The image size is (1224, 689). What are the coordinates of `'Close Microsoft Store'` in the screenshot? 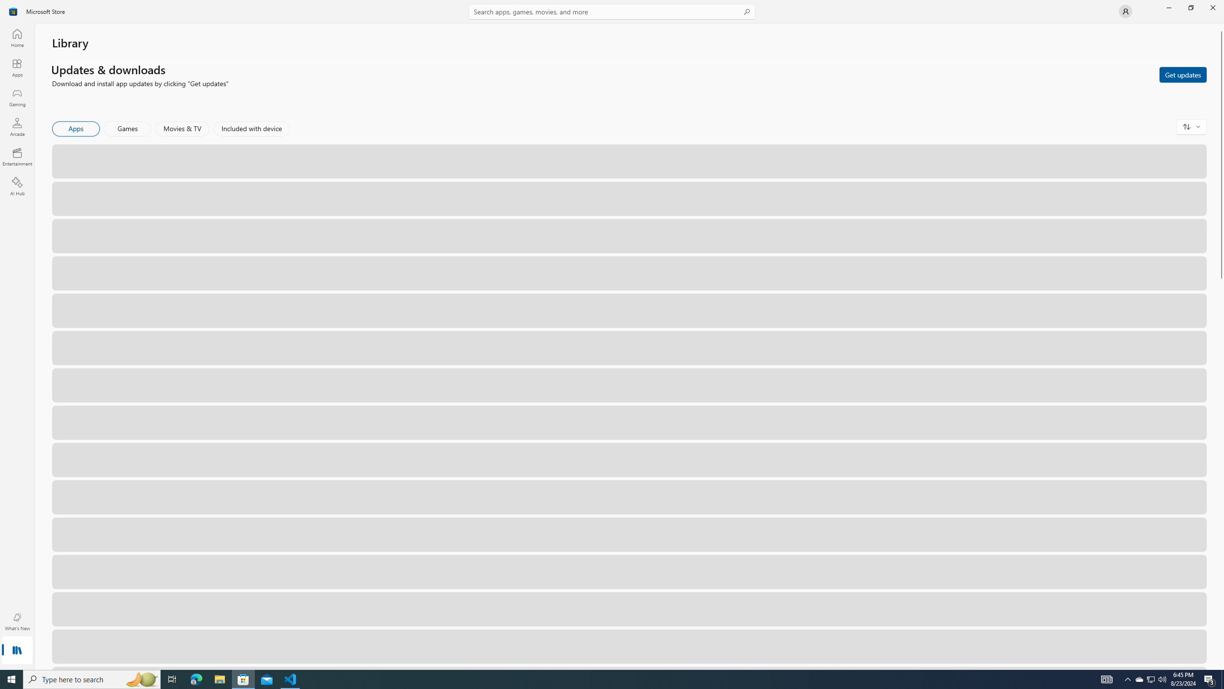 It's located at (1212, 7).